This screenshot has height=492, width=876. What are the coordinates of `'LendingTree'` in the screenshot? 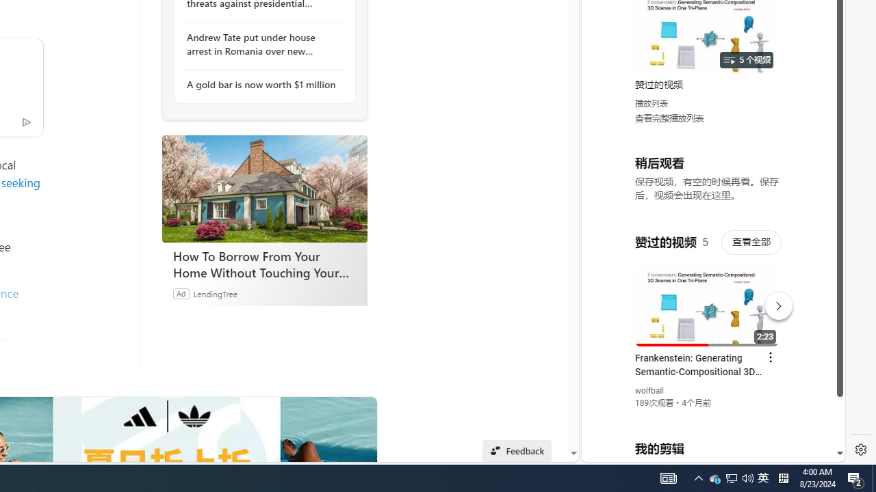 It's located at (214, 292).